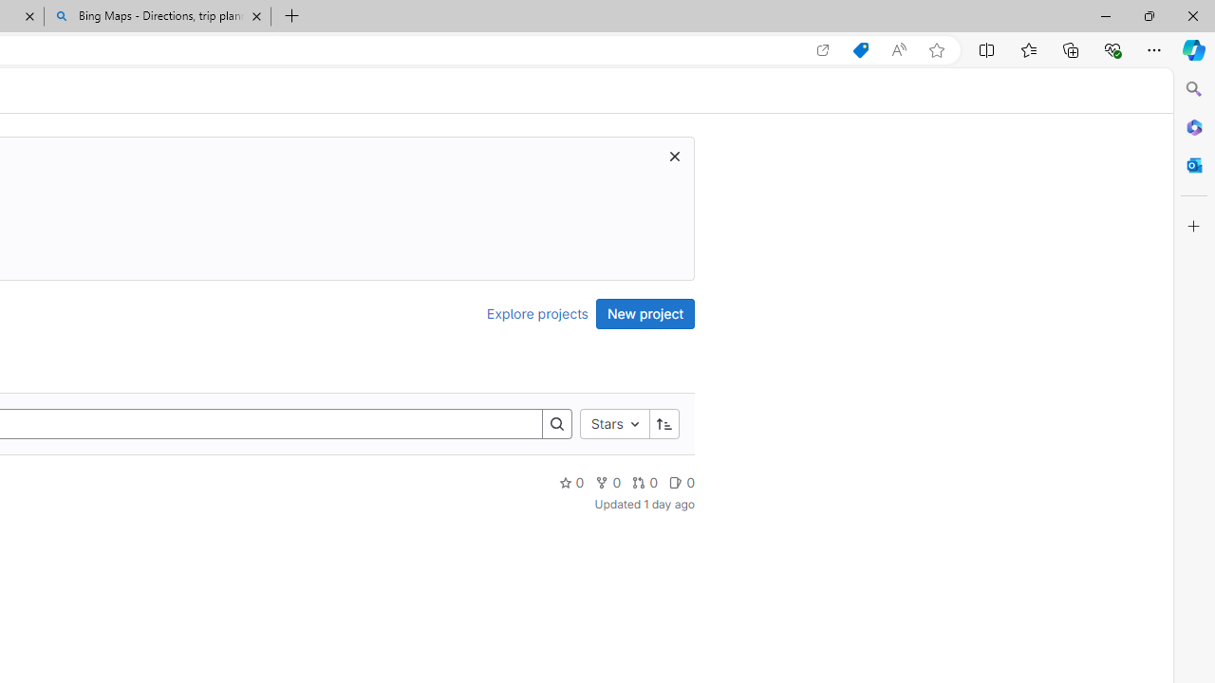  Describe the element at coordinates (535, 312) in the screenshot. I see `'Explore projects'` at that location.